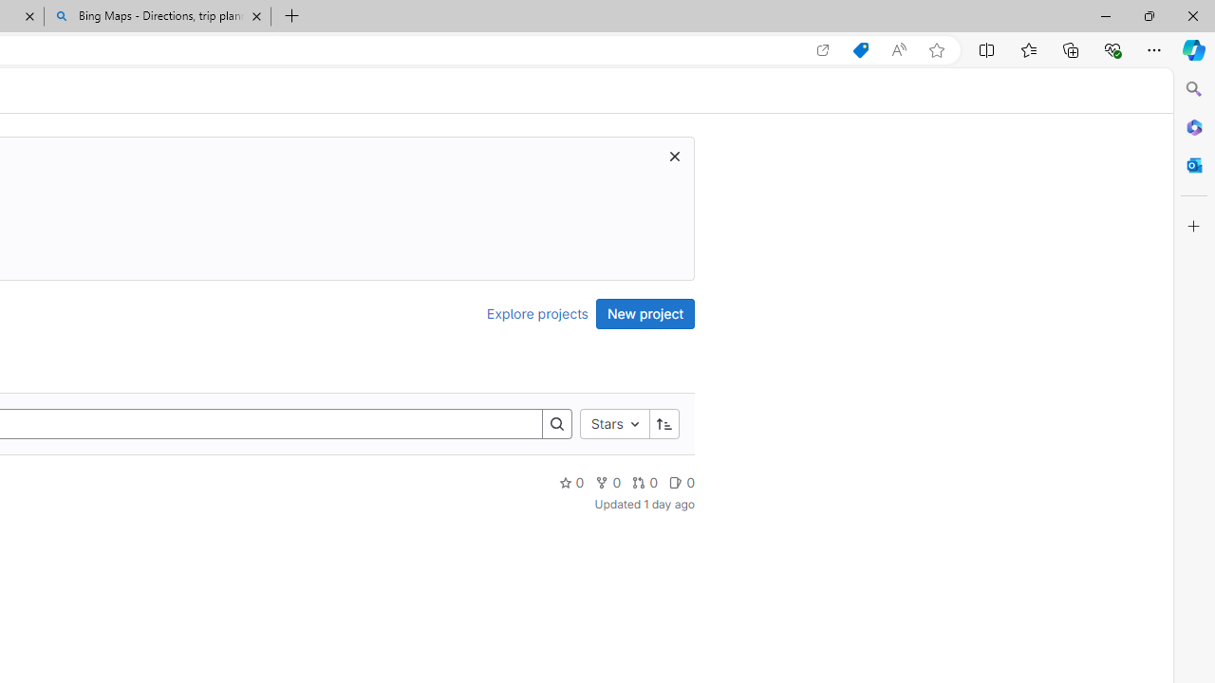  Describe the element at coordinates (535, 312) in the screenshot. I see `'Explore projects'` at that location.